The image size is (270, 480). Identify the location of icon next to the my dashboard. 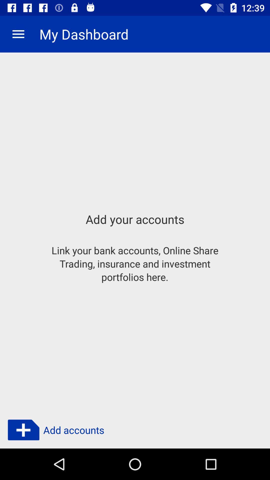
(18, 34).